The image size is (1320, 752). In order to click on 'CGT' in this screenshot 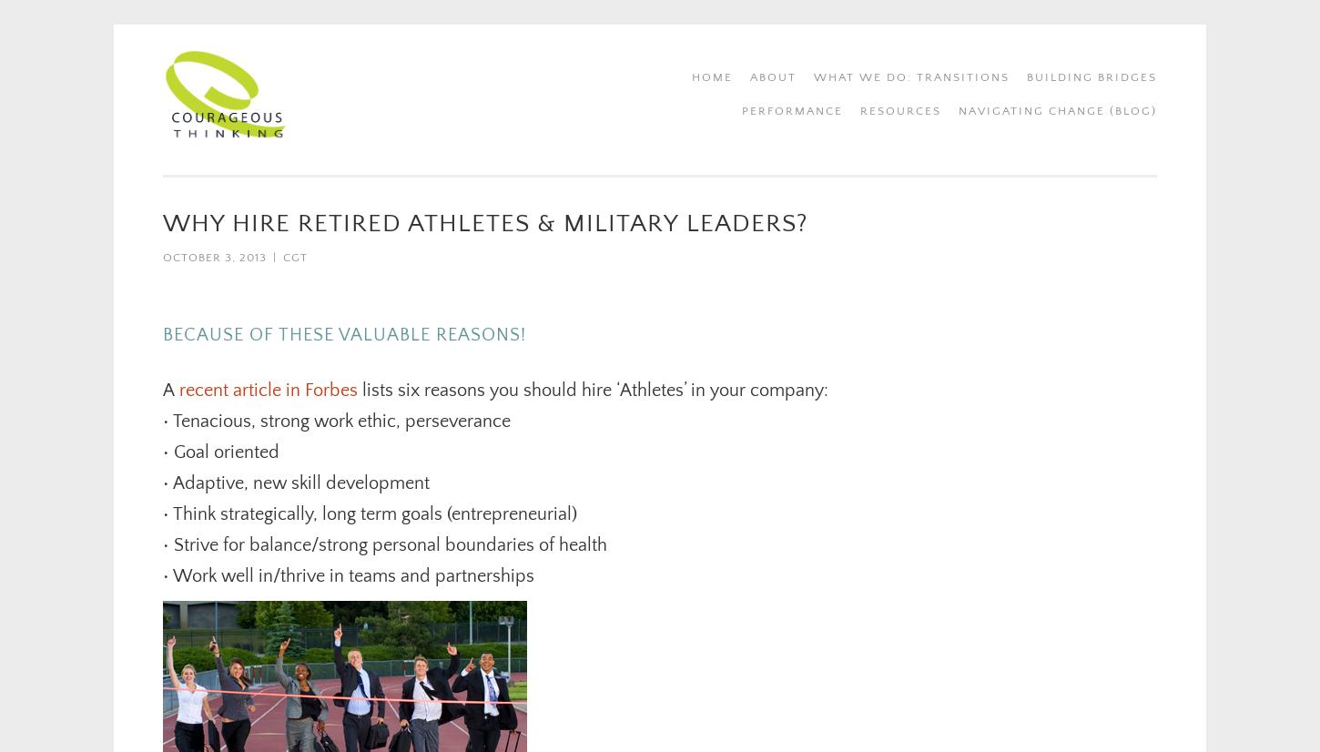, I will do `click(295, 256)`.